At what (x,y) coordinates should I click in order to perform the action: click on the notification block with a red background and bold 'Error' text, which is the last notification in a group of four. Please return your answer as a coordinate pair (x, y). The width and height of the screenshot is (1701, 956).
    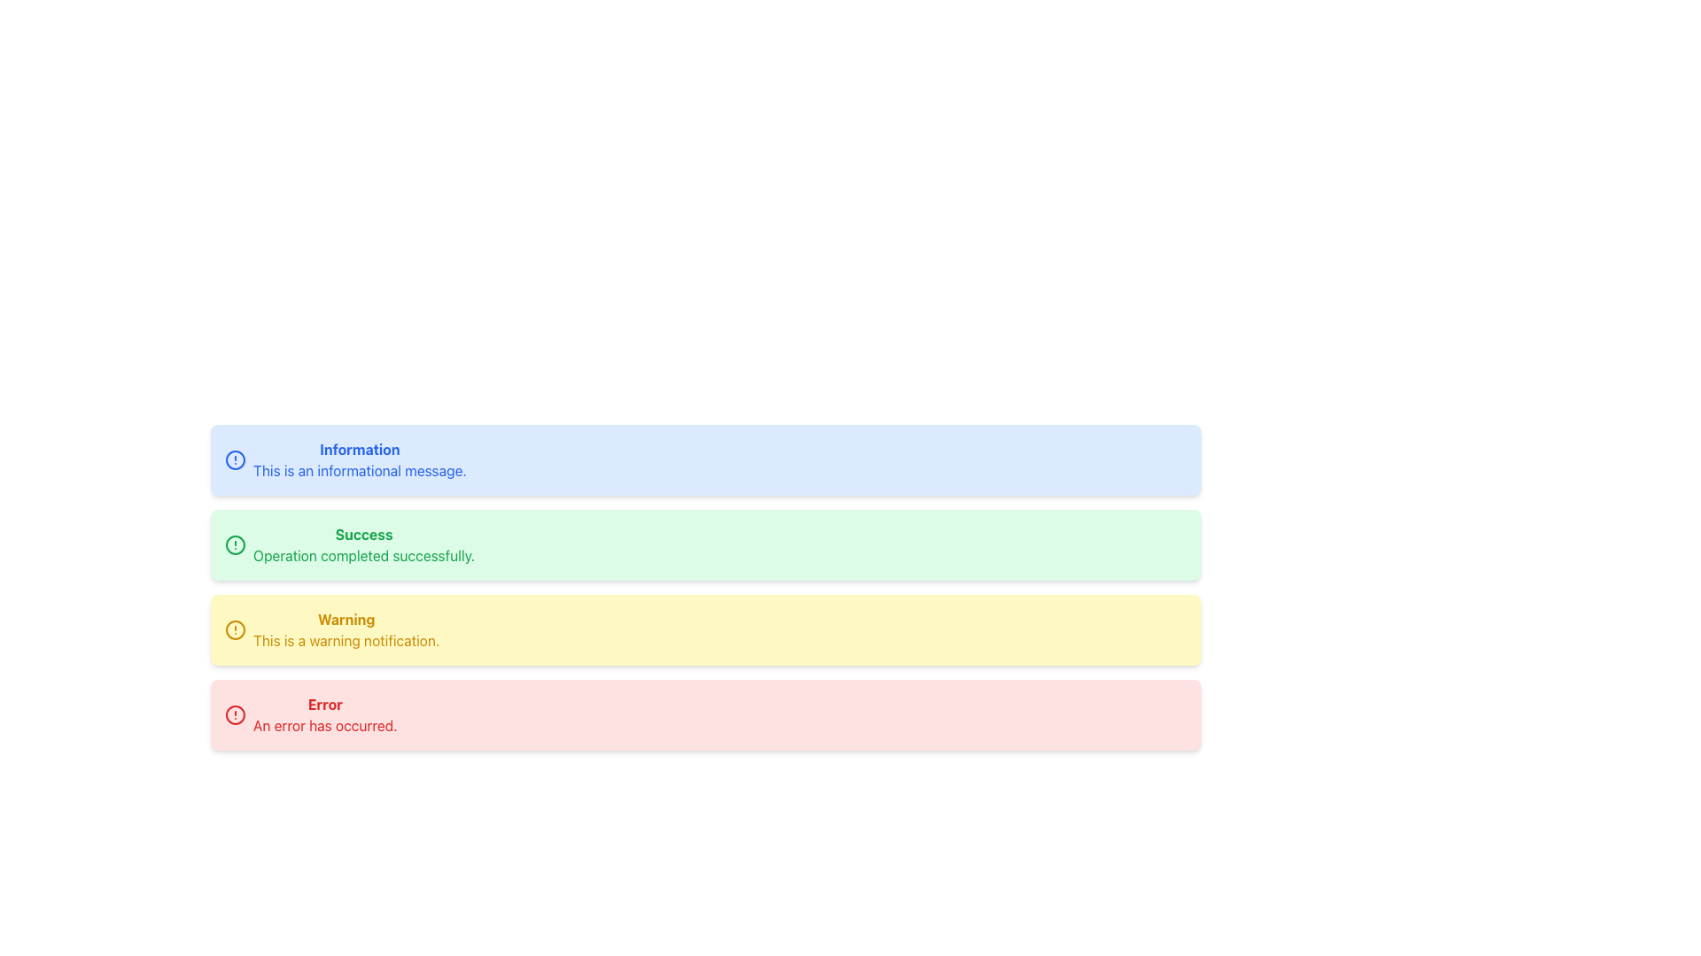
    Looking at the image, I should click on (704, 713).